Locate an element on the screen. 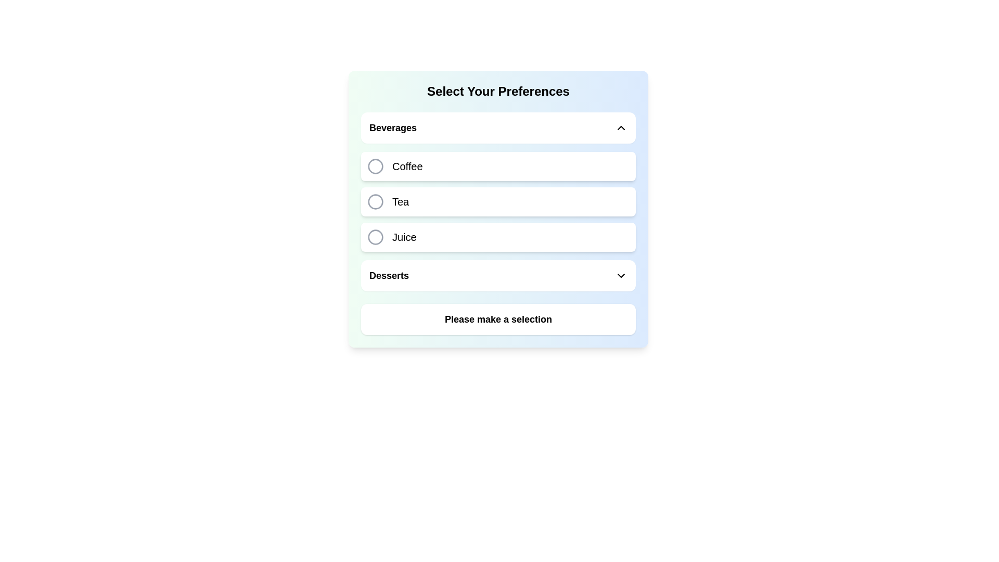 This screenshot has width=999, height=562. the 'Juice' radio button, which is the third in a vertical list of radio buttons within the 'Select Your Preferences' form is located at coordinates (375, 237).